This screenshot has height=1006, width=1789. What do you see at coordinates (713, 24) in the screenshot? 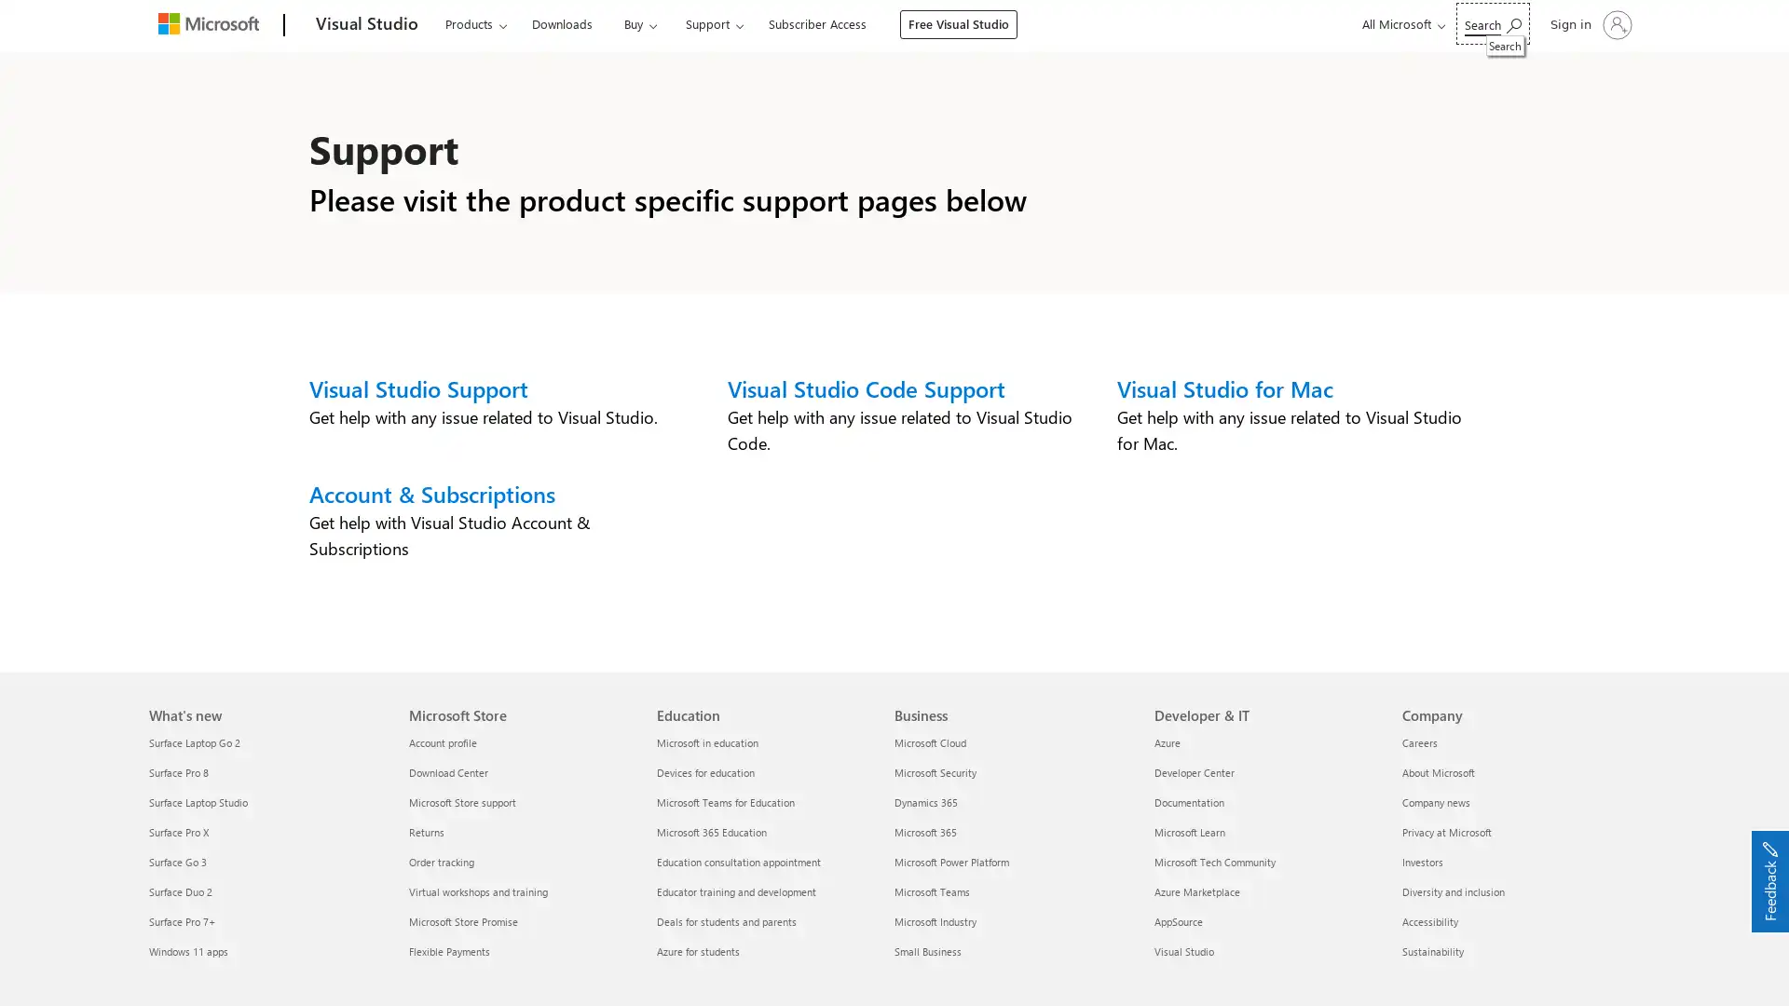
I see `Support` at bounding box center [713, 24].